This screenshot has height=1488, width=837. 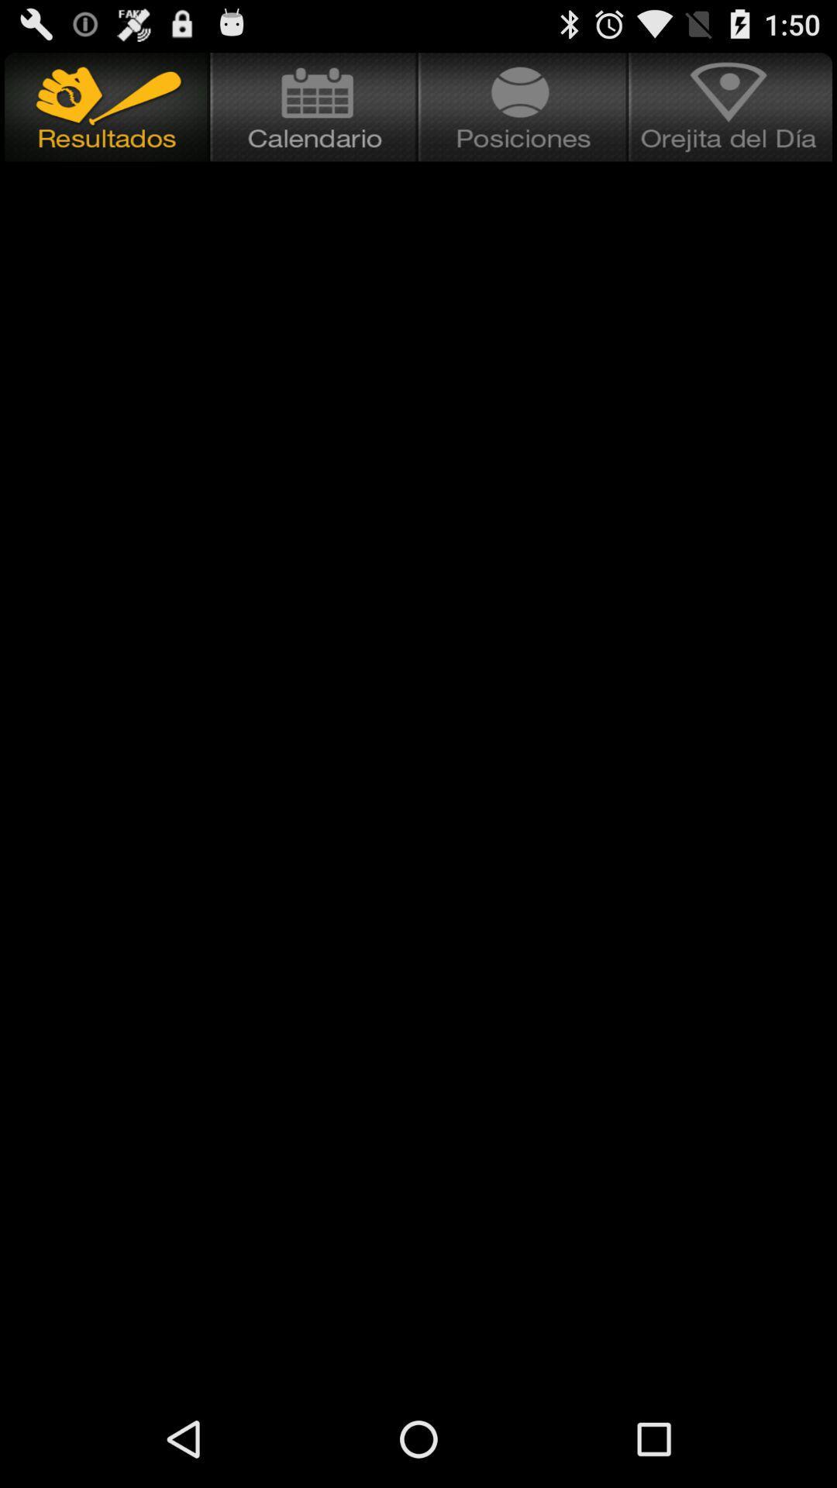 I want to click on click the resultados button, so click(x=105, y=106).